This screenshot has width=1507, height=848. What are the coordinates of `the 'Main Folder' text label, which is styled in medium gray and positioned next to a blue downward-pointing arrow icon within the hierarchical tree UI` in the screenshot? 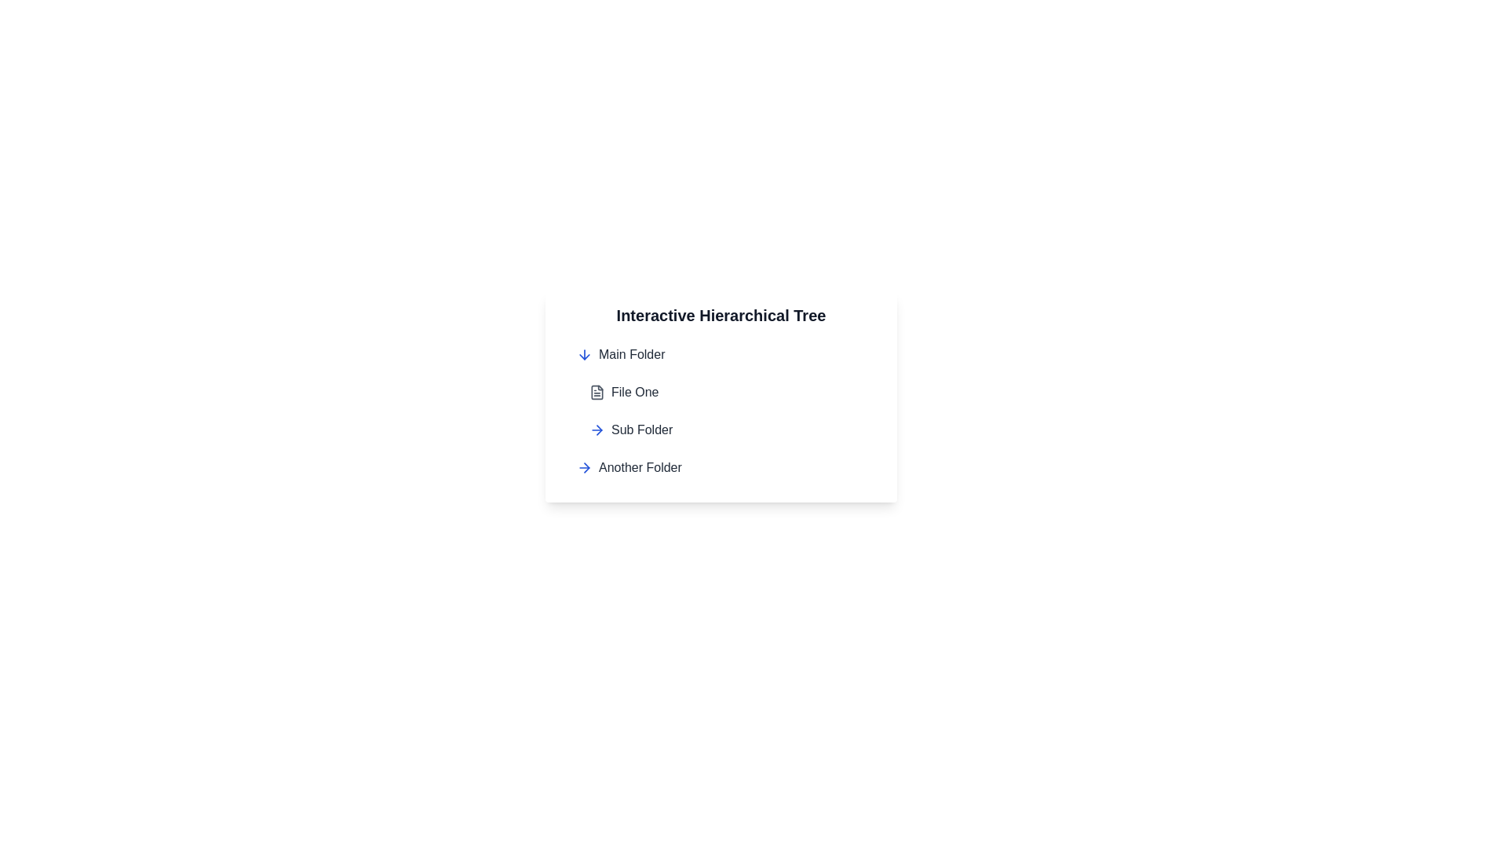 It's located at (632, 354).